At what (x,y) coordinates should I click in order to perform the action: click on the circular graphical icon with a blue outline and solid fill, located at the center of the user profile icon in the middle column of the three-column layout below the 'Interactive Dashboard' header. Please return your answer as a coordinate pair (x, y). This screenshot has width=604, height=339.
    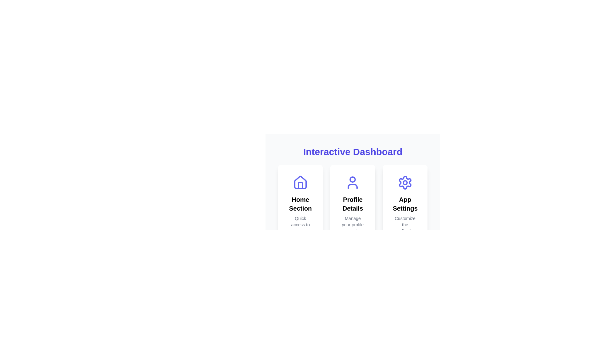
    Looking at the image, I should click on (353, 179).